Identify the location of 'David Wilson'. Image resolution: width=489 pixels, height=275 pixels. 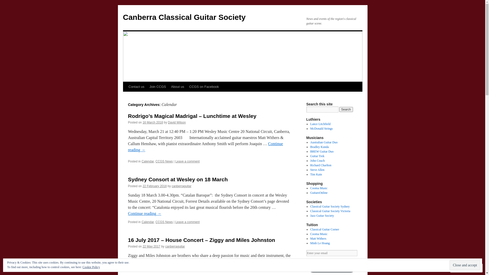
(177, 122).